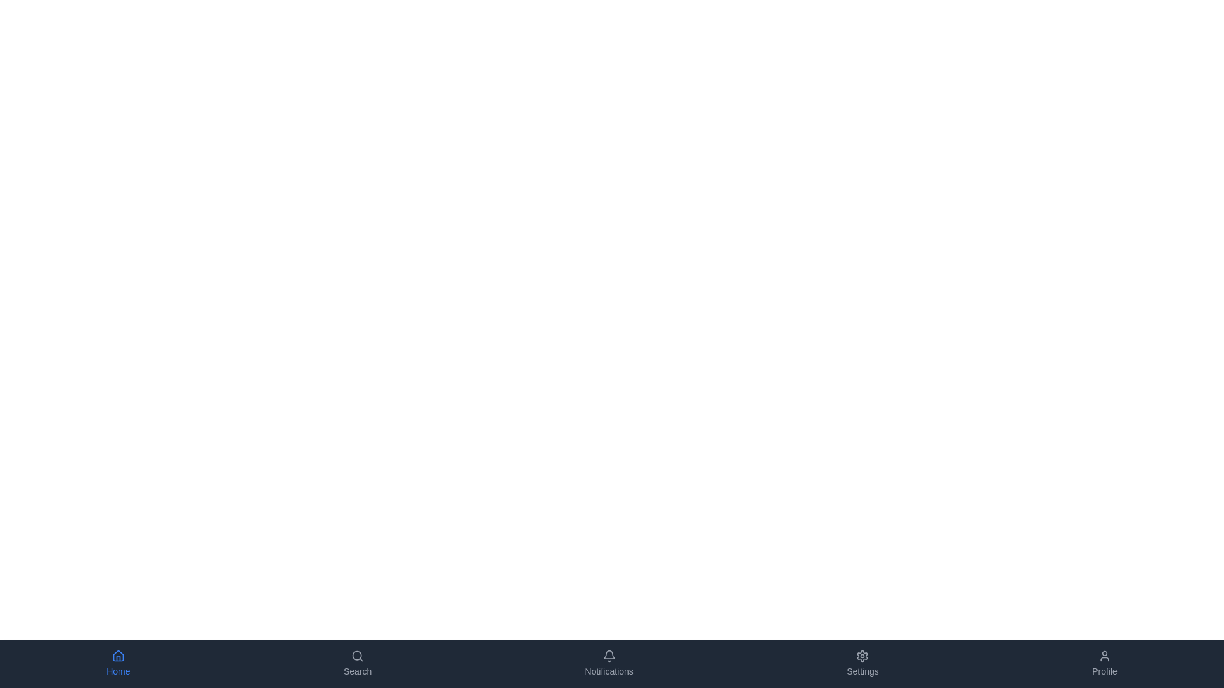 This screenshot has height=688, width=1224. What do you see at coordinates (863, 670) in the screenshot?
I see `the 'Settings' text label located in the bottom navigation bar, which is styled in a small, gray font and positioned below a gear-shaped icon` at bounding box center [863, 670].